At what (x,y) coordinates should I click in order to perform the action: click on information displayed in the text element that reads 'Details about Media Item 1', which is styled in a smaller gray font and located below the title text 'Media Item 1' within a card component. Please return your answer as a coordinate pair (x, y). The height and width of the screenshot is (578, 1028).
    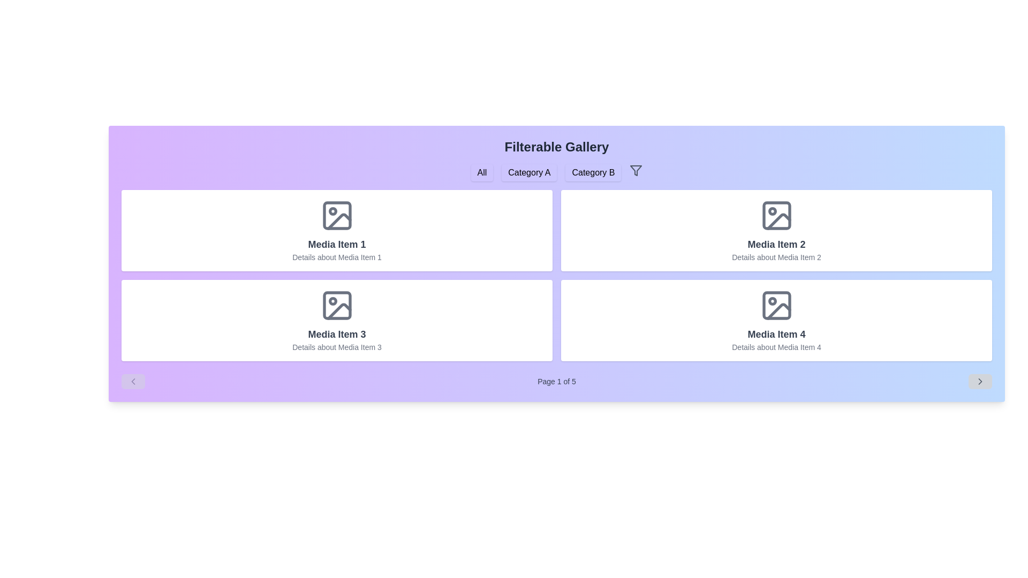
    Looking at the image, I should click on (336, 257).